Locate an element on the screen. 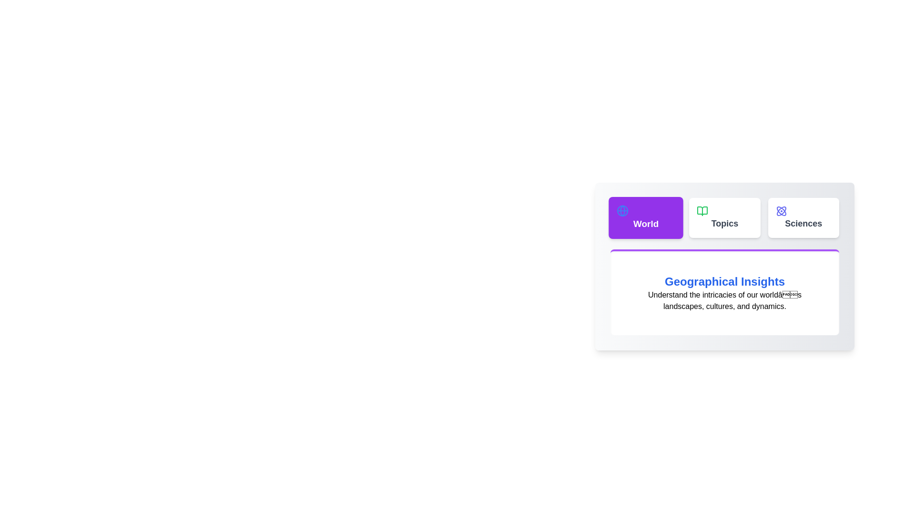  the tab labeled Topics to switch the content displayed is located at coordinates (724, 217).